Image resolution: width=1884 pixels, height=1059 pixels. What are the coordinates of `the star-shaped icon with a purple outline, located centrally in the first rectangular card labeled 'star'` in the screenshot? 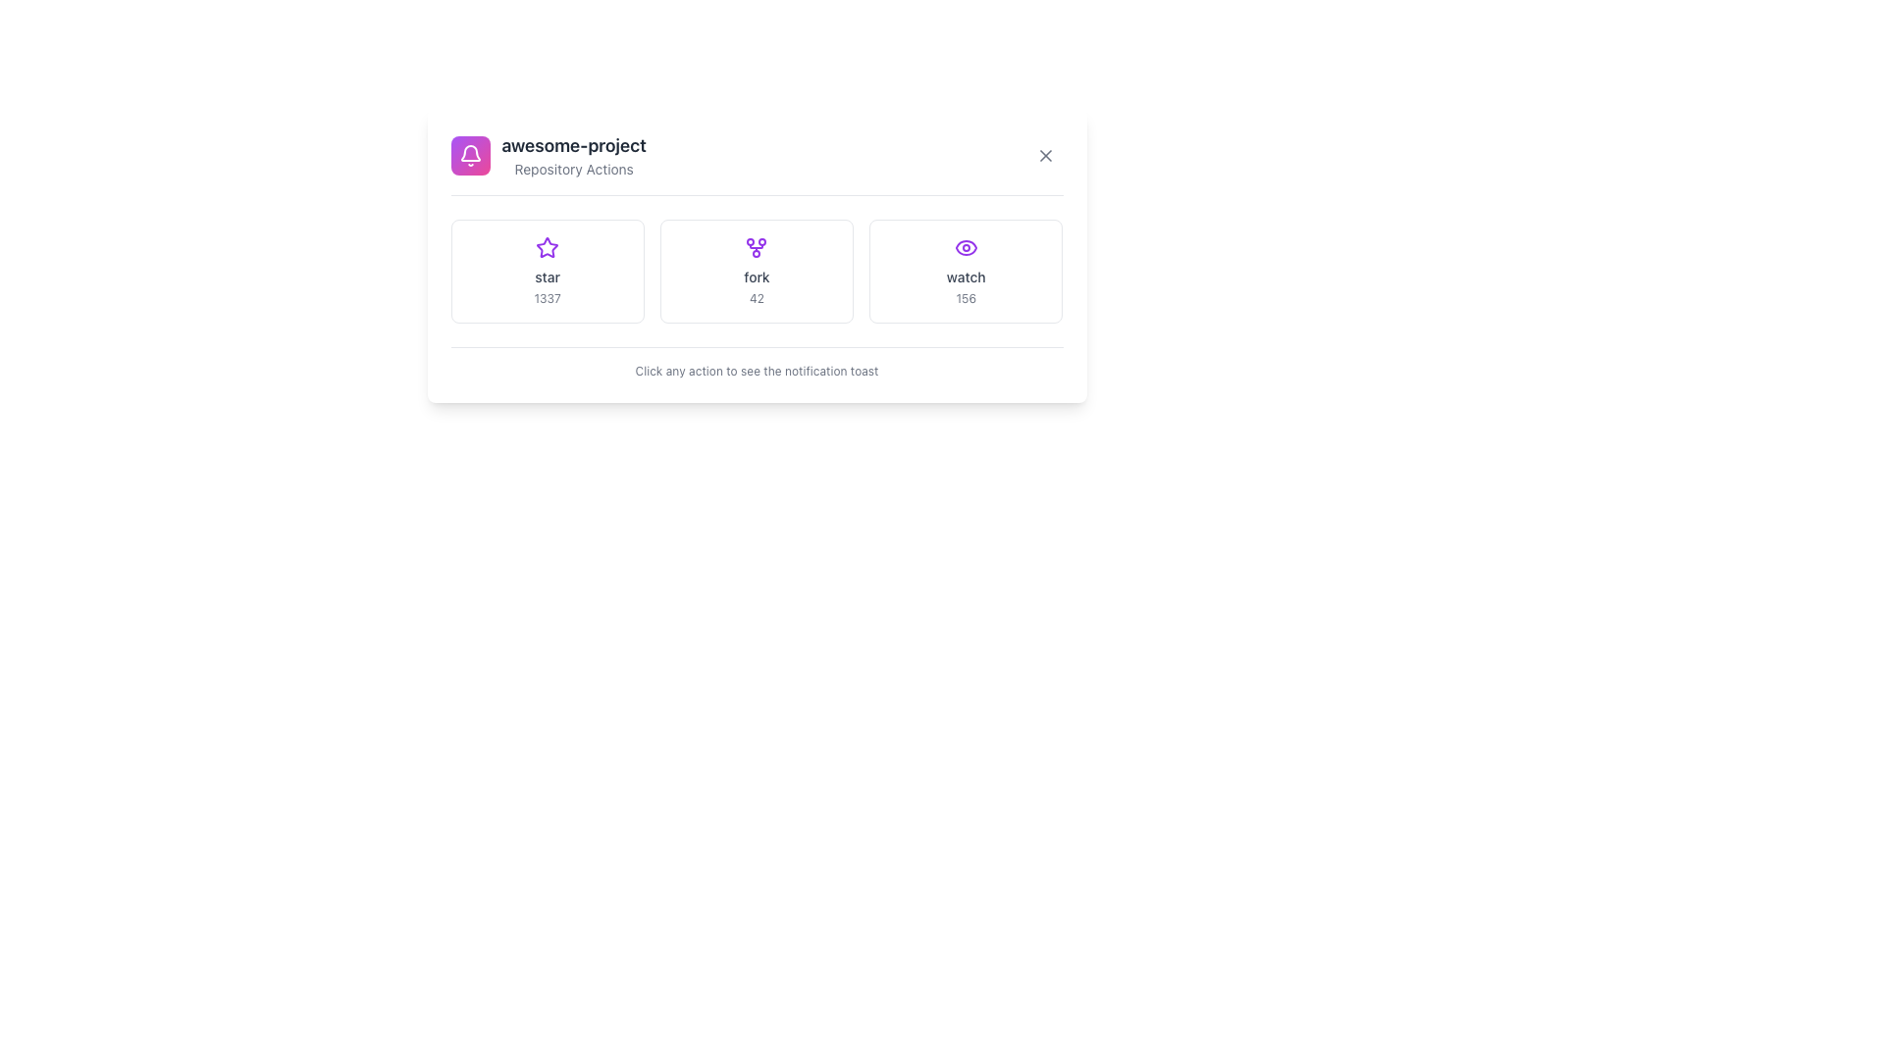 It's located at (548, 246).